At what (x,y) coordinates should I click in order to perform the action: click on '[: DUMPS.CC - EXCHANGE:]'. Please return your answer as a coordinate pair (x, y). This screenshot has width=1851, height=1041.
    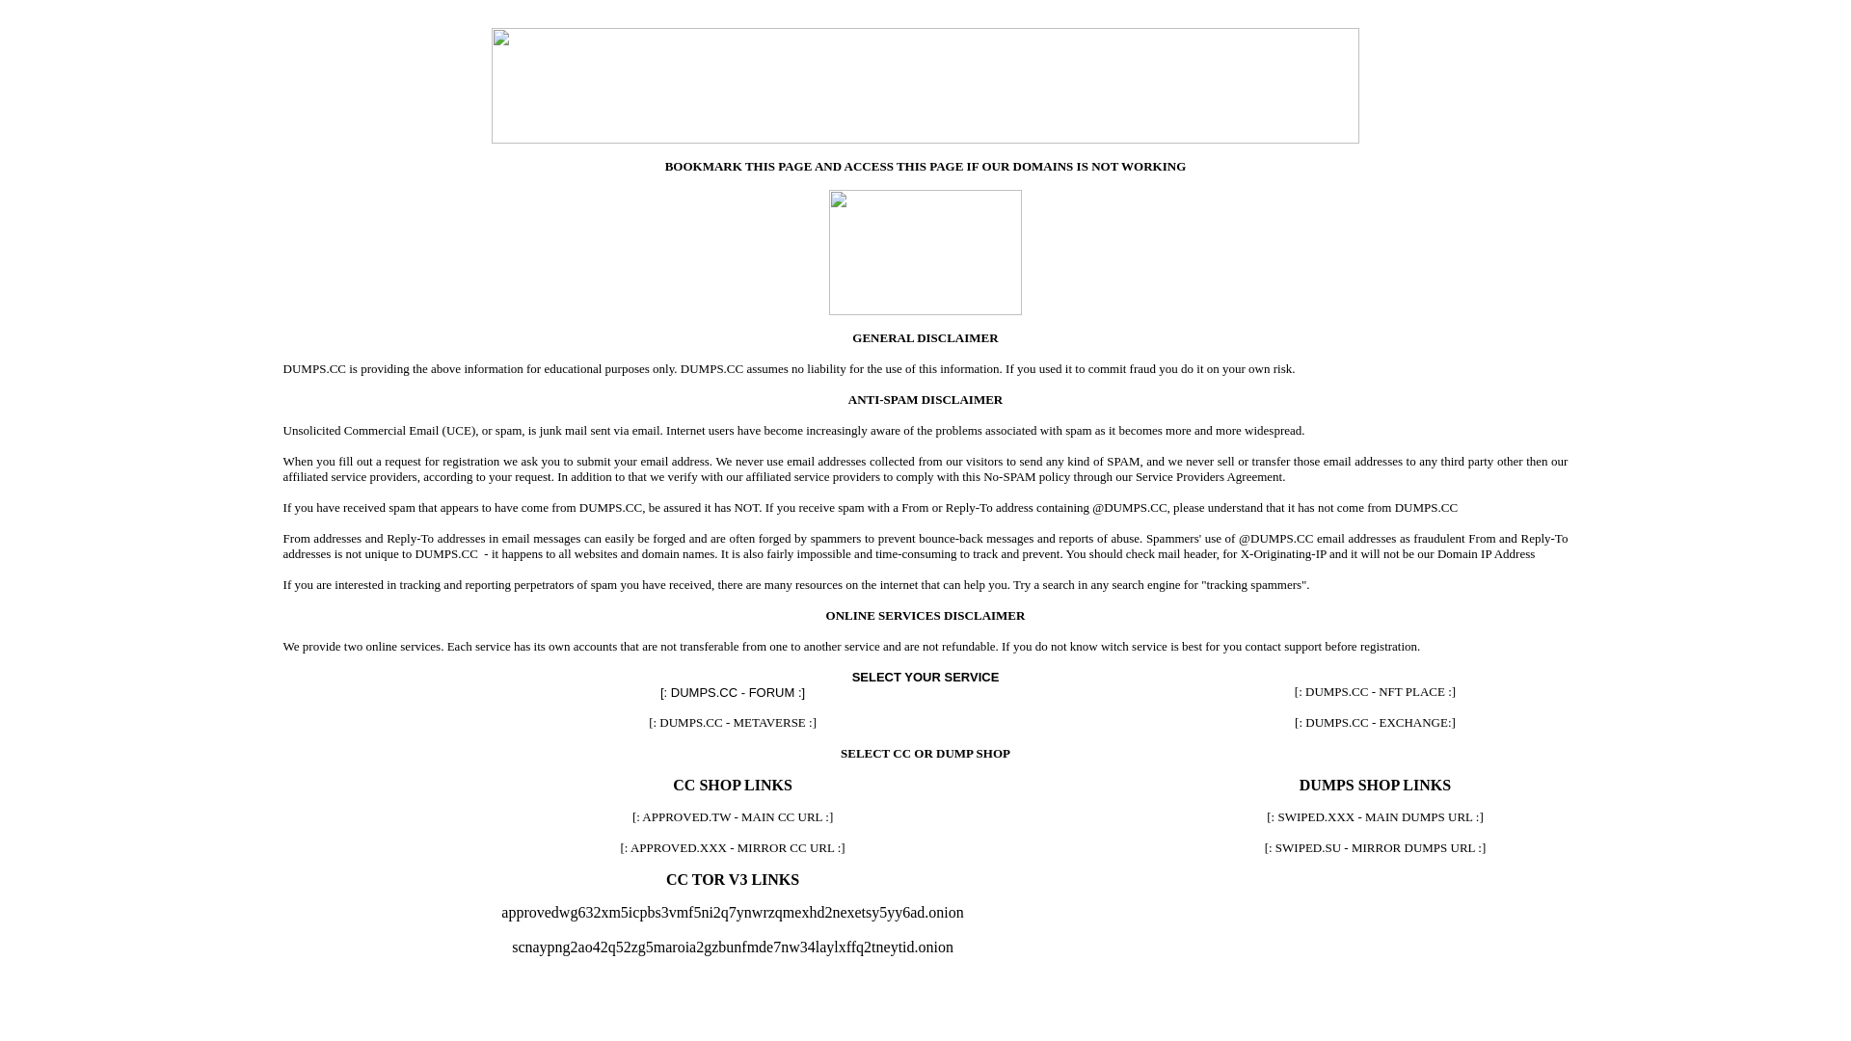
    Looking at the image, I should click on (1374, 722).